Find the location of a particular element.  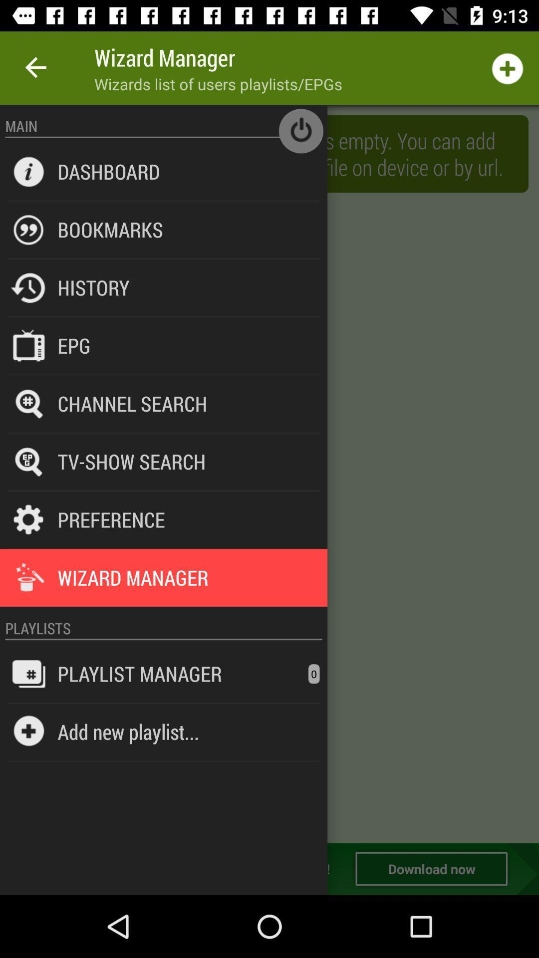

epg item is located at coordinates (73, 345).